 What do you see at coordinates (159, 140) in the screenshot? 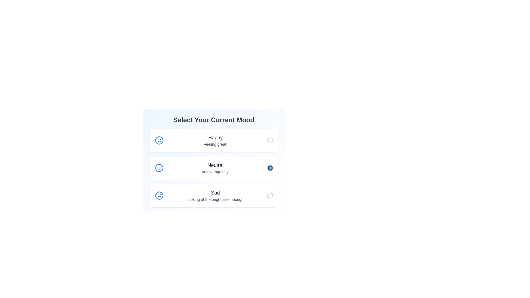
I see `the circular shape with a blue border that is the outermost part of the smiley face icon in the 'Happy' mood selection option` at bounding box center [159, 140].